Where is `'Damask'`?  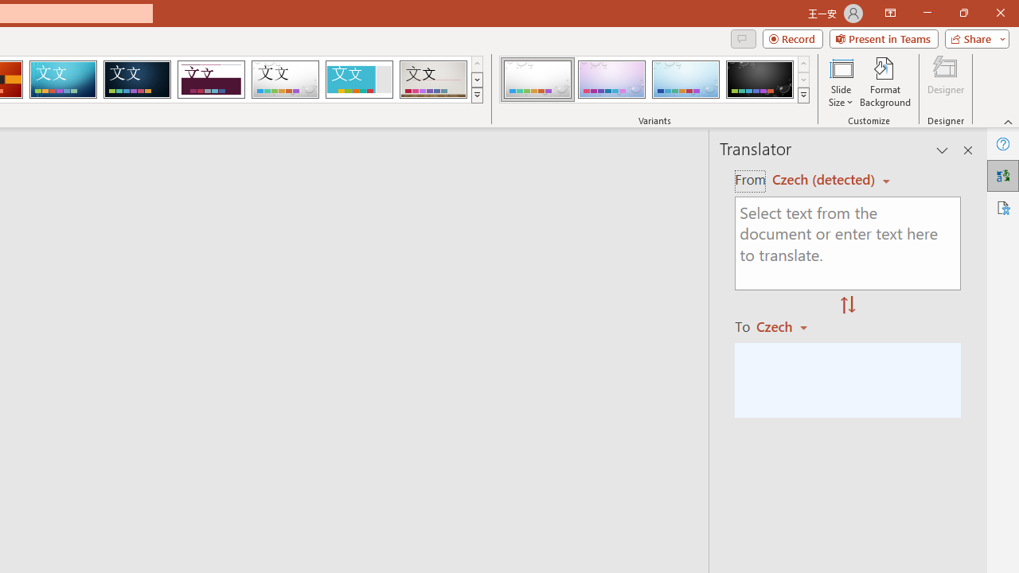 'Damask' is located at coordinates (137, 80).